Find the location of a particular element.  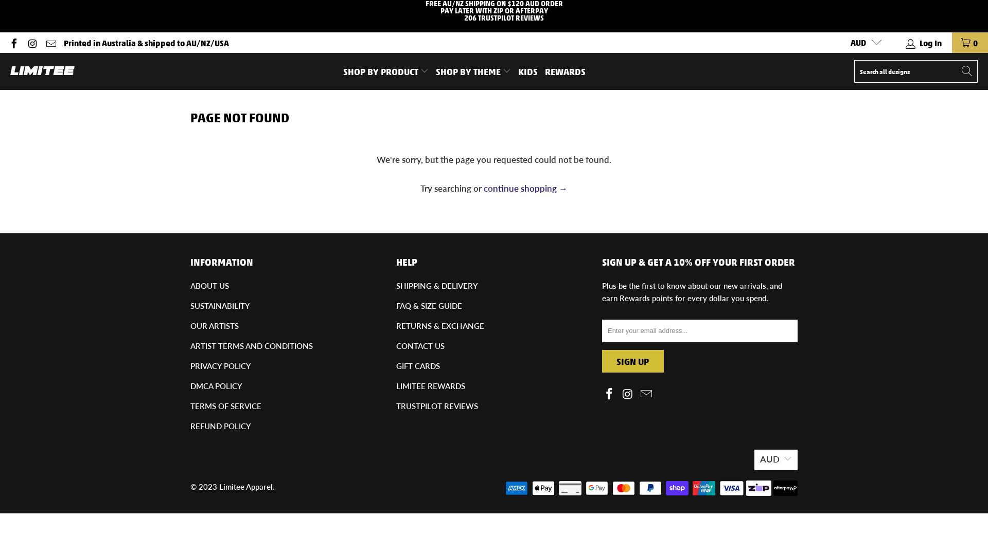

'SHIPPING & DELIVERY' is located at coordinates (395, 285).